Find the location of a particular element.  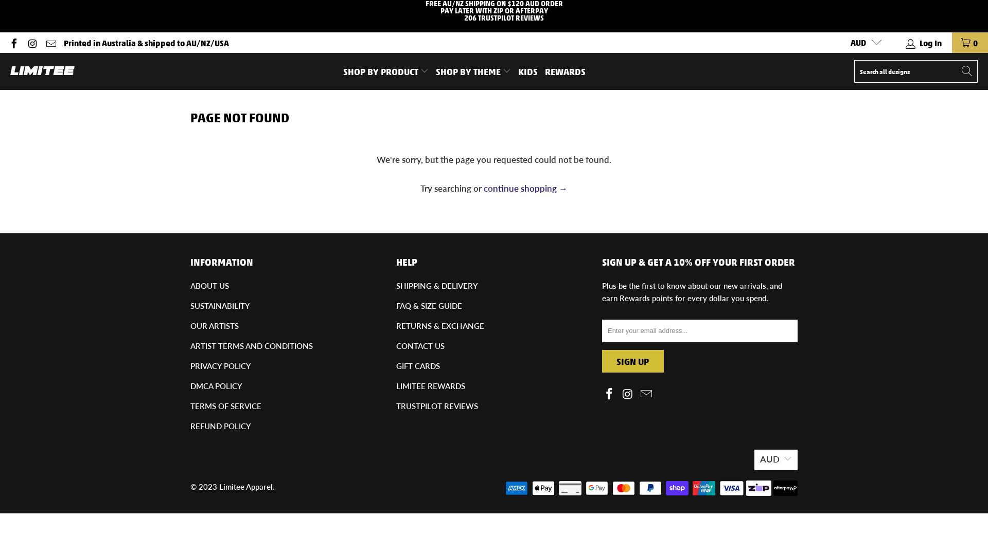

'SHIPPING & DELIVERY' is located at coordinates (395, 285).